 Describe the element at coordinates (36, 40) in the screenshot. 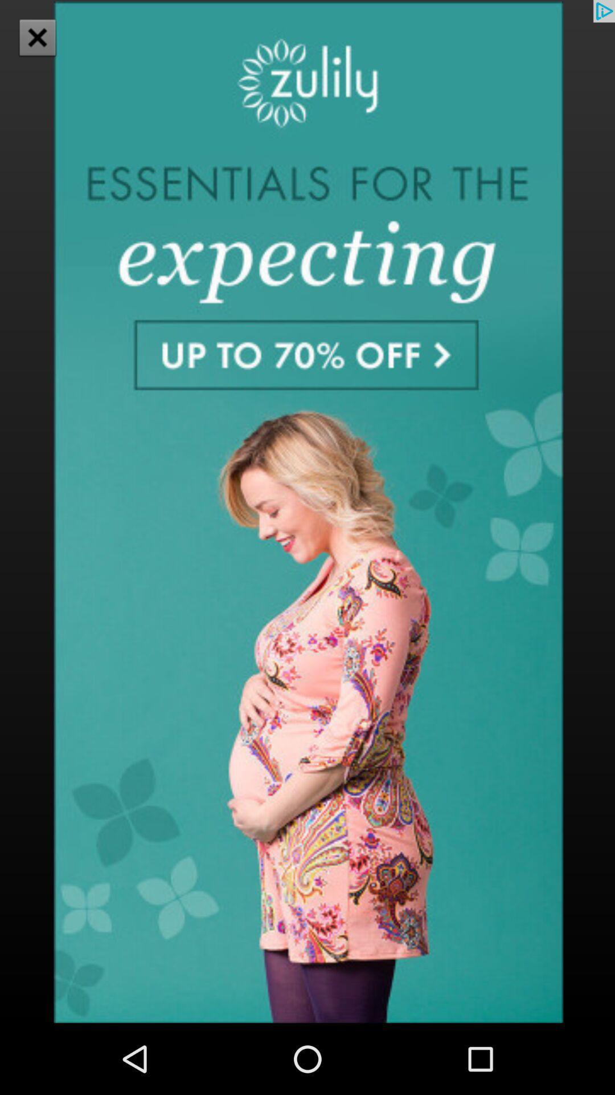

I see `the close icon` at that location.